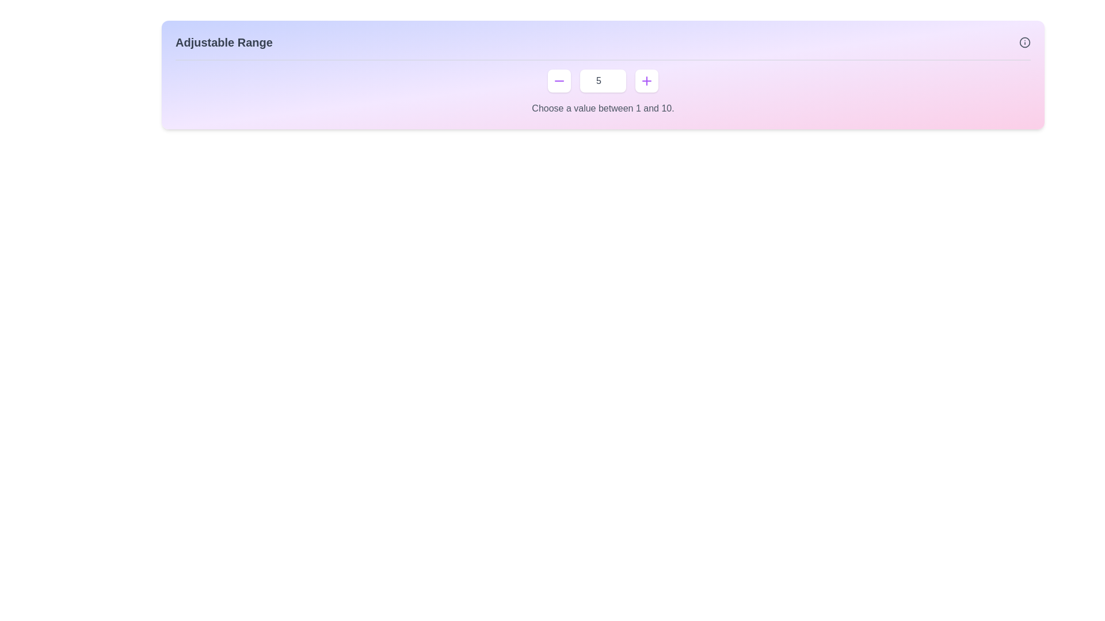  What do you see at coordinates (559, 80) in the screenshot?
I see `the button with a white background and purple text, featuring a minus icon, to decrease the value` at bounding box center [559, 80].